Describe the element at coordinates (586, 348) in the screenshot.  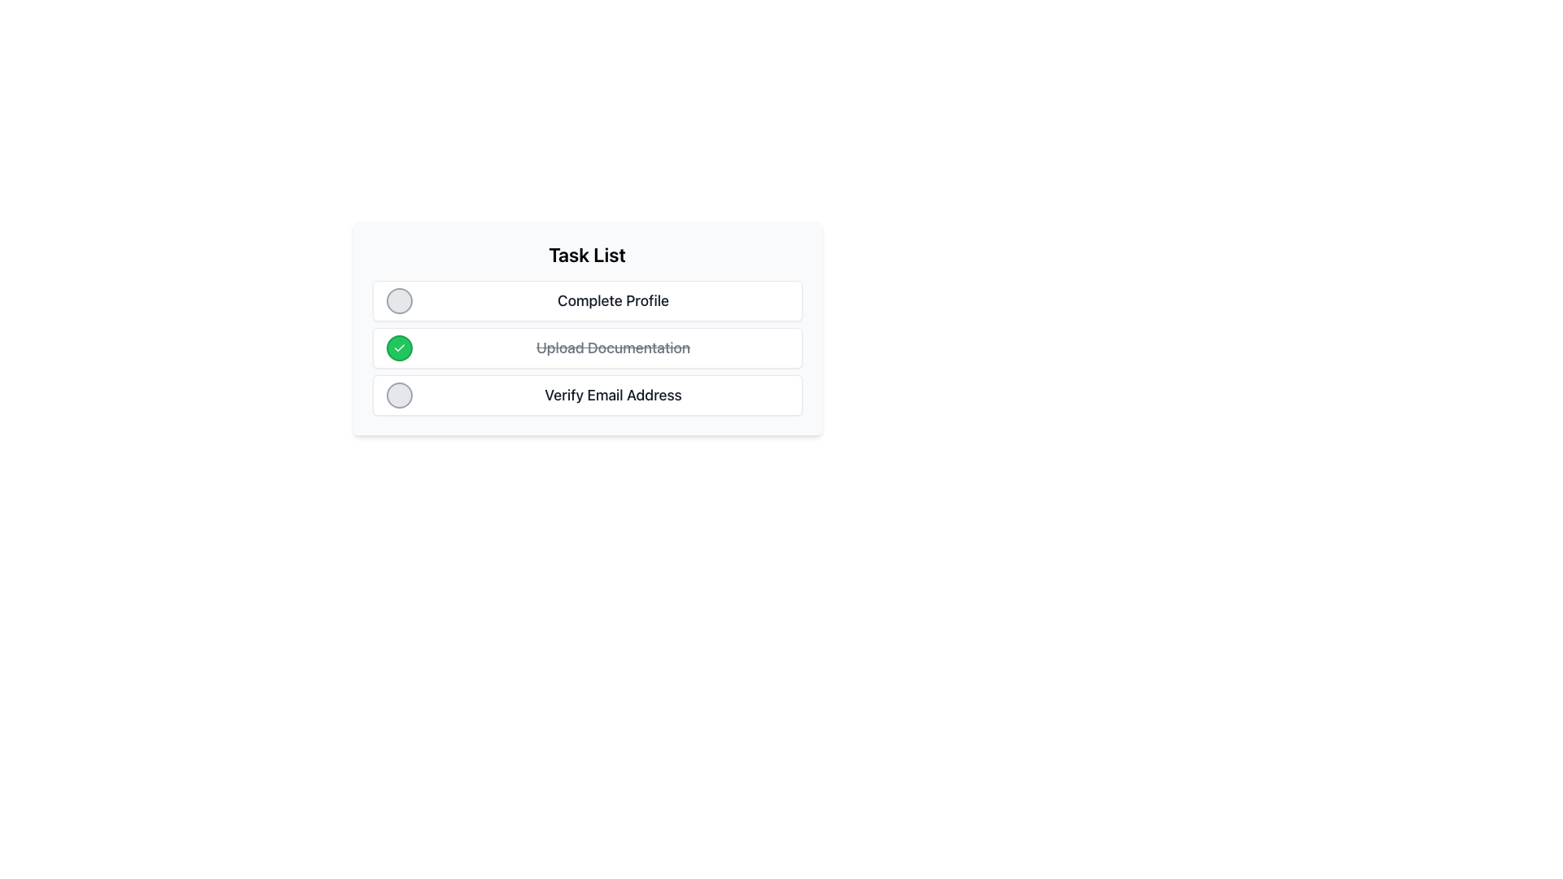
I see `the second task item in the task list, which features a green checkmark icon and the text 'Upload Documentation' with a strikethrough, indicating its completion` at that location.